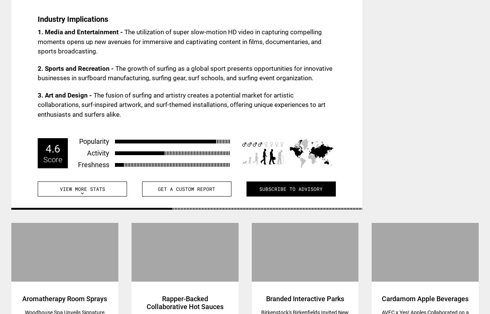 The width and height of the screenshot is (490, 314). Describe the element at coordinates (65, 95) in the screenshot. I see `'3. Art and Design -'` at that location.